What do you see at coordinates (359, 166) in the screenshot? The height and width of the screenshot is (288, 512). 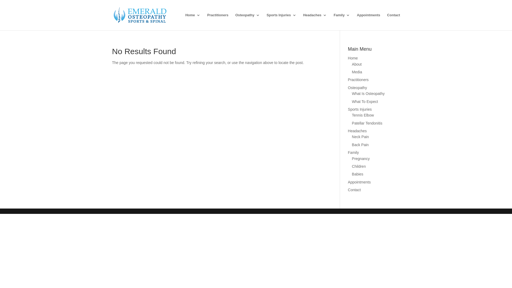 I see `'Children'` at bounding box center [359, 166].